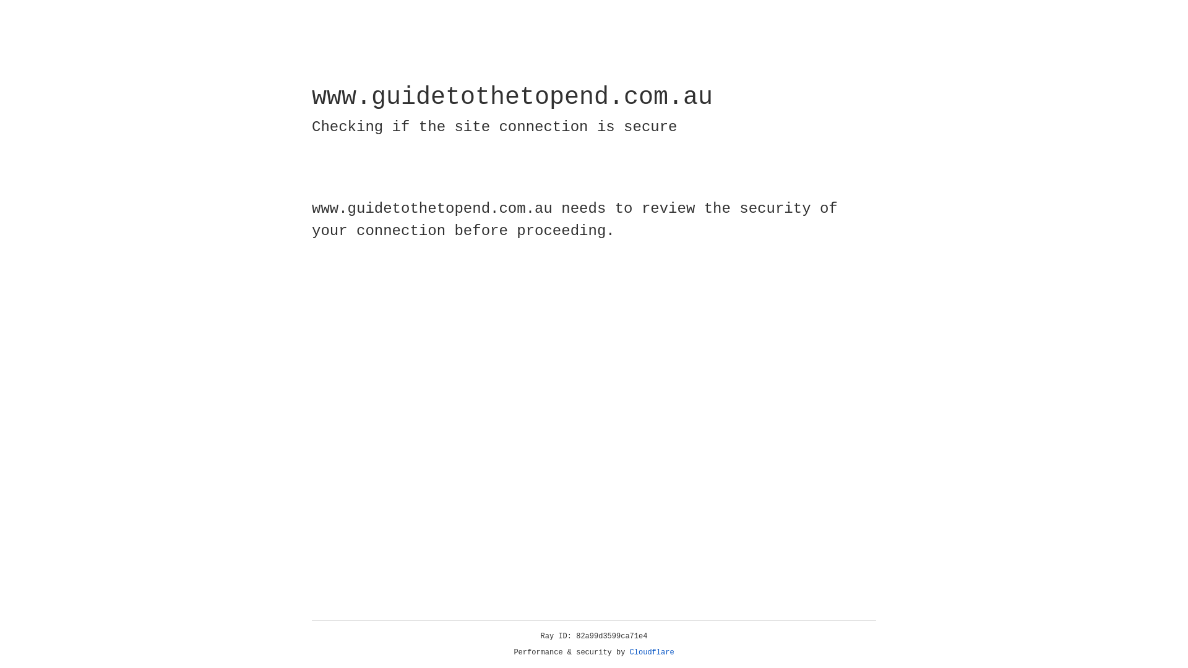  What do you see at coordinates (629, 652) in the screenshot?
I see `'Cloudflare'` at bounding box center [629, 652].